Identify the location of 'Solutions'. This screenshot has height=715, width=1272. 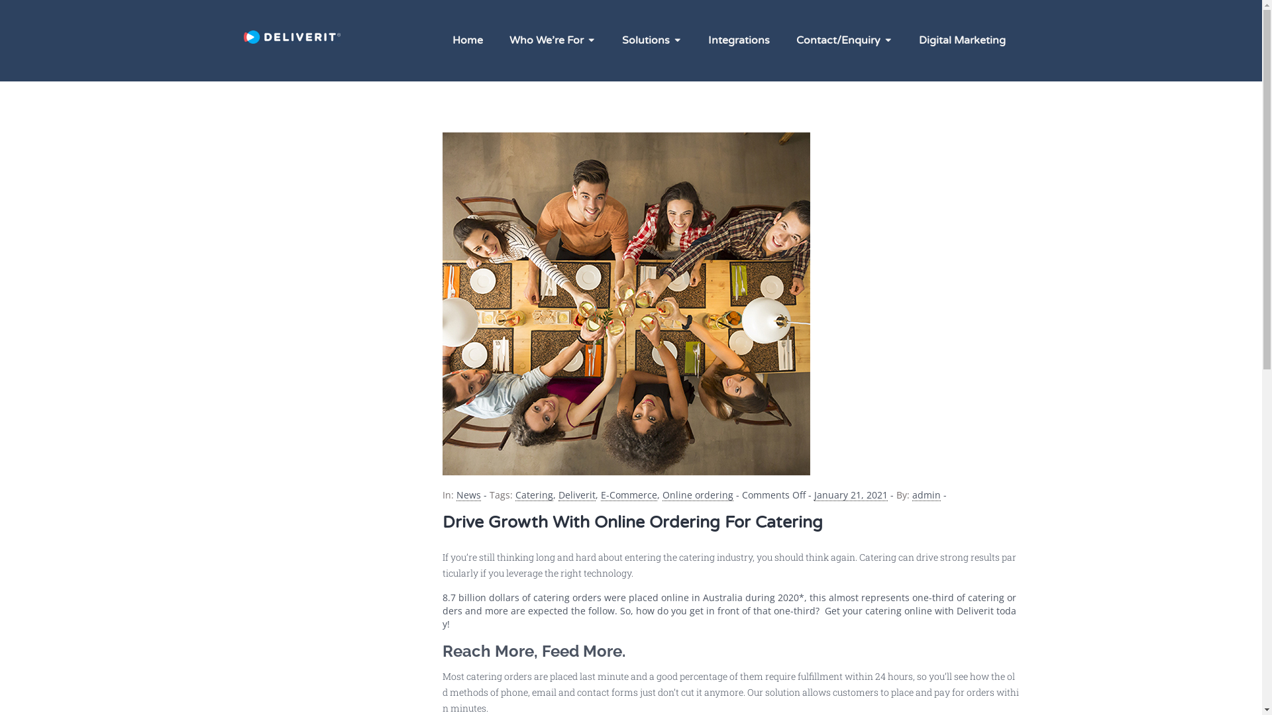
(607, 40).